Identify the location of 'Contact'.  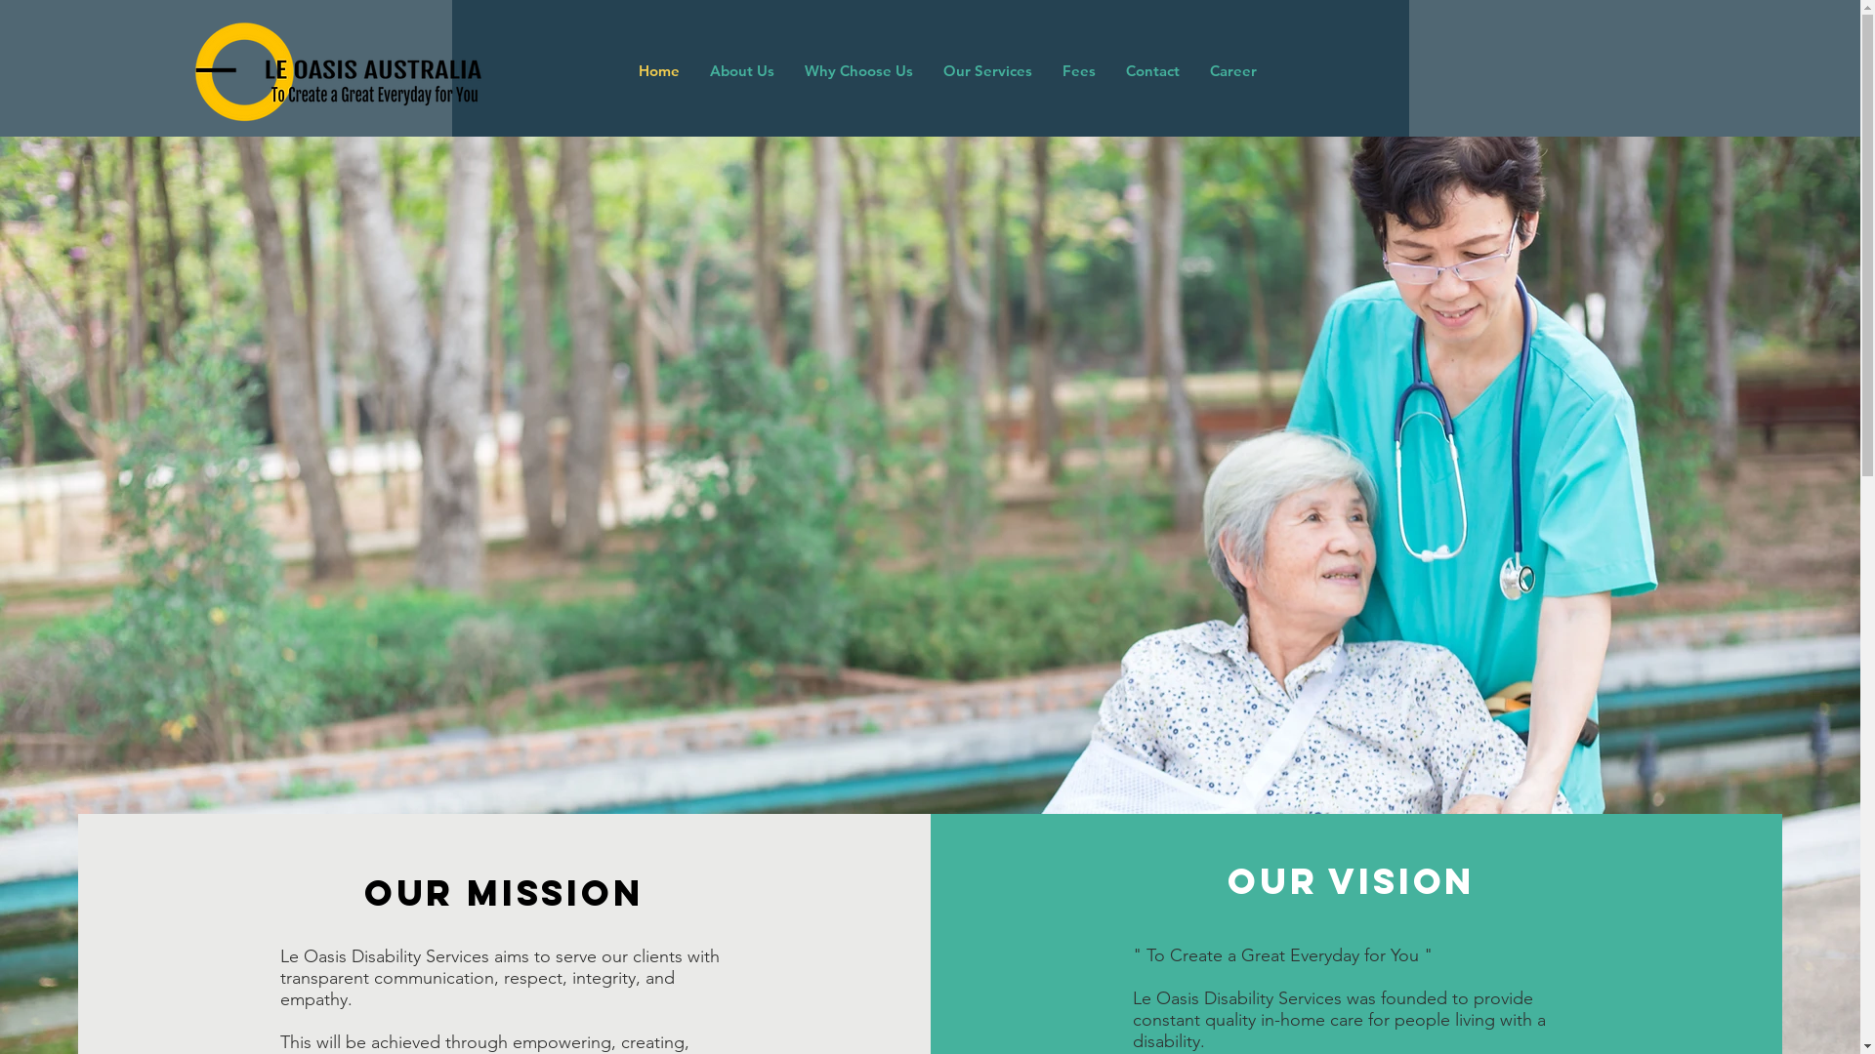
(1151, 70).